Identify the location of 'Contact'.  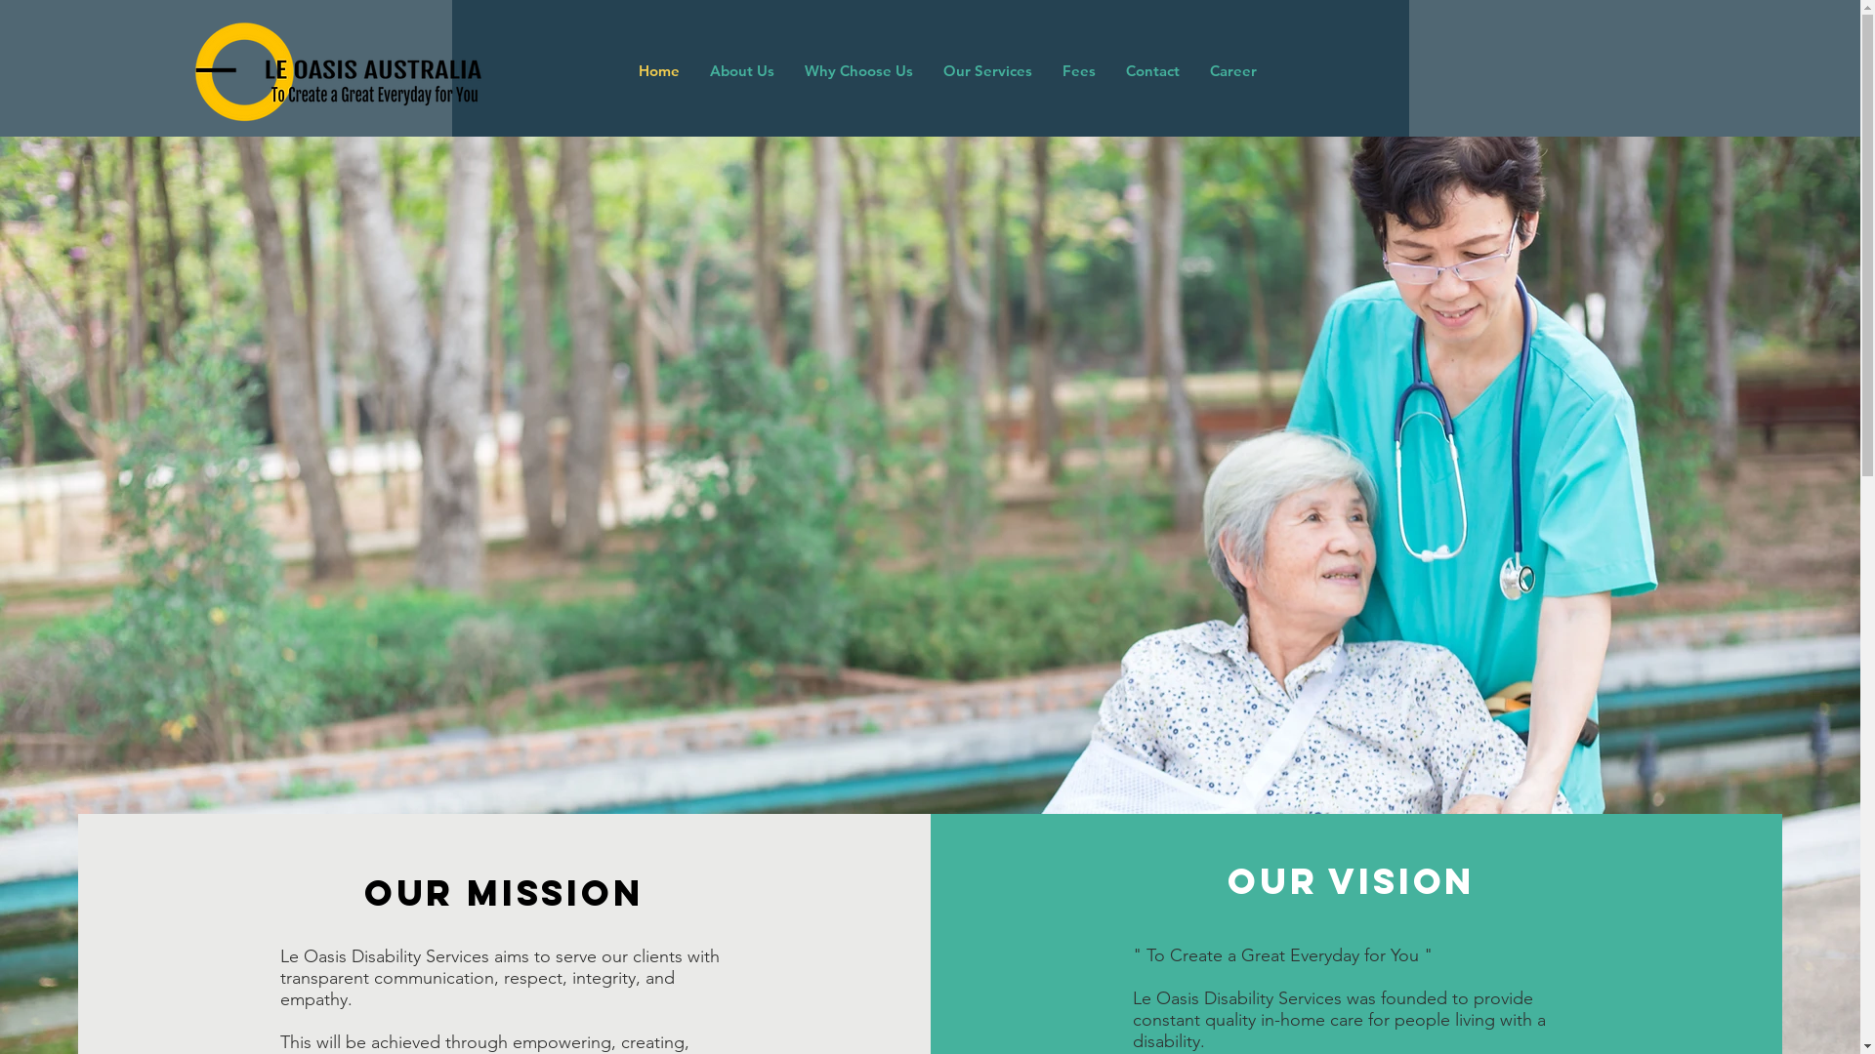
(1151, 70).